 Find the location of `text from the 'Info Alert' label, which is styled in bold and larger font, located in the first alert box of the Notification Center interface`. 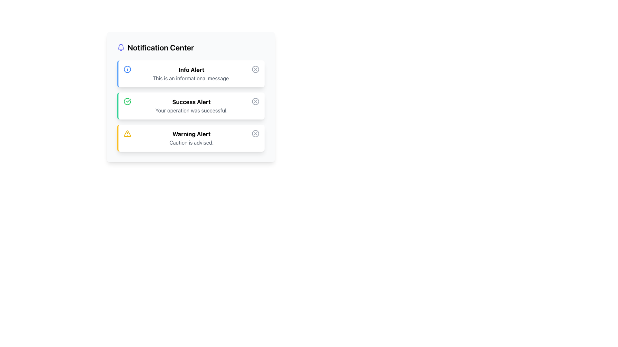

text from the 'Info Alert' label, which is styled in bold and larger font, located in the first alert box of the Notification Center interface is located at coordinates (191, 70).